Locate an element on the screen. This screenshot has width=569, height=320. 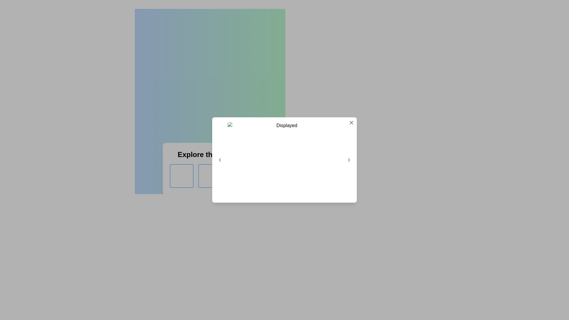
the second image thumbnail in a horizontal row of three is located at coordinates (210, 176).